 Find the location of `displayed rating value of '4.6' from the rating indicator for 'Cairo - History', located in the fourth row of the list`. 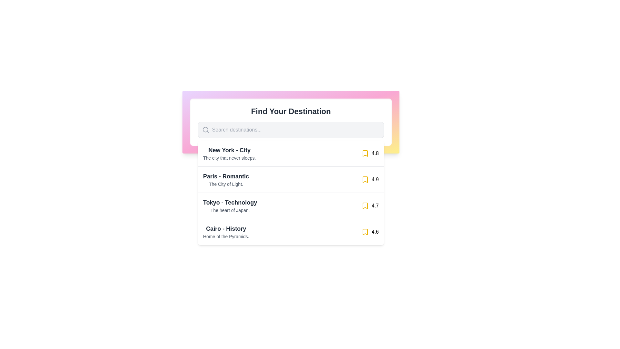

displayed rating value of '4.6' from the rating indicator for 'Cairo - History', located in the fourth row of the list is located at coordinates (370, 231).